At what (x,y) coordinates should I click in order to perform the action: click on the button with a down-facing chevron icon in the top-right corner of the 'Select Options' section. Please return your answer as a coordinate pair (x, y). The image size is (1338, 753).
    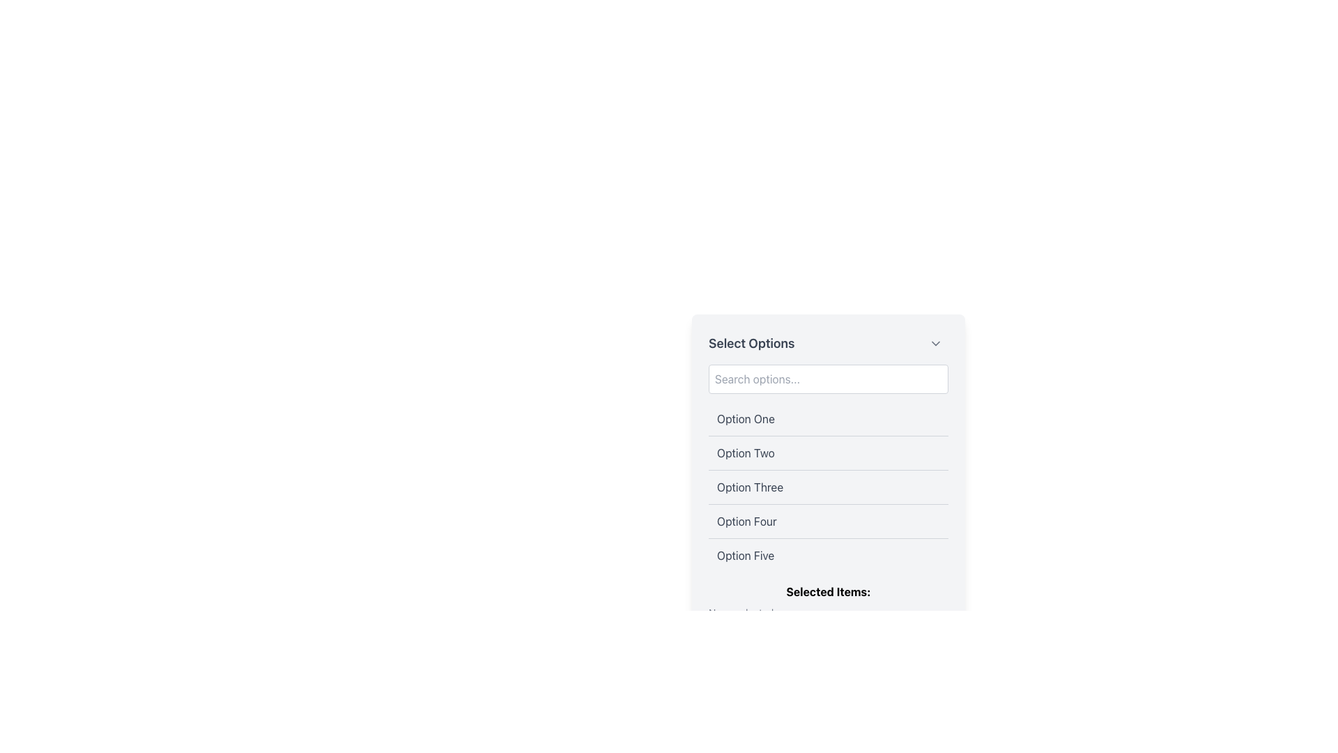
    Looking at the image, I should click on (936, 344).